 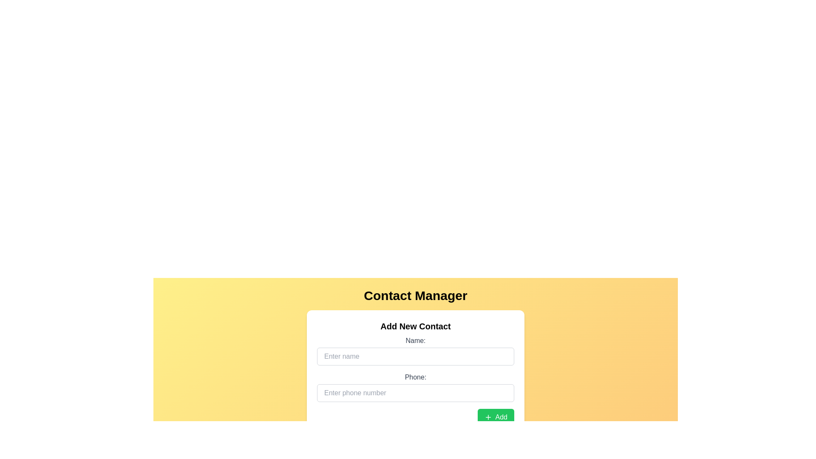 I want to click on the 'Contact Manager' text header, which is a bold, large-font title centered above the main content form on a gradient yellow-orange background, so click(x=416, y=295).